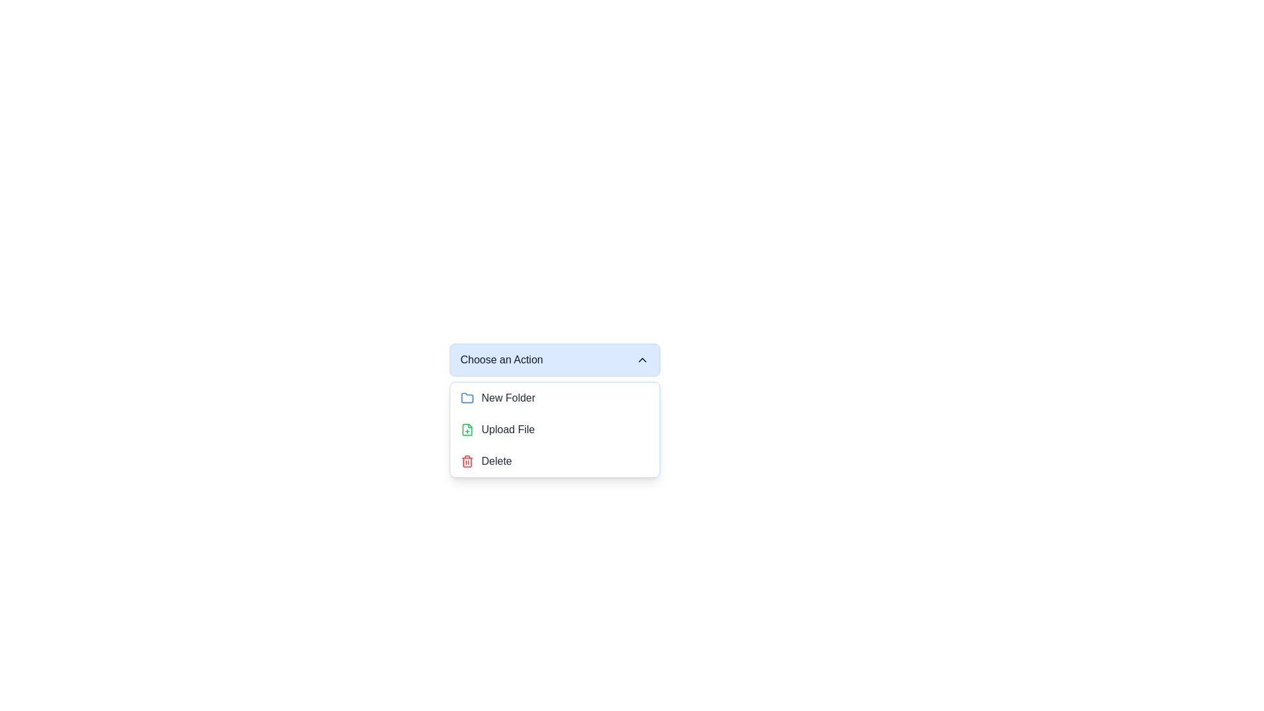 This screenshot has width=1264, height=711. I want to click on the upload icon located within the dropdown menu under the 'Upload File' option, so click(467, 429).